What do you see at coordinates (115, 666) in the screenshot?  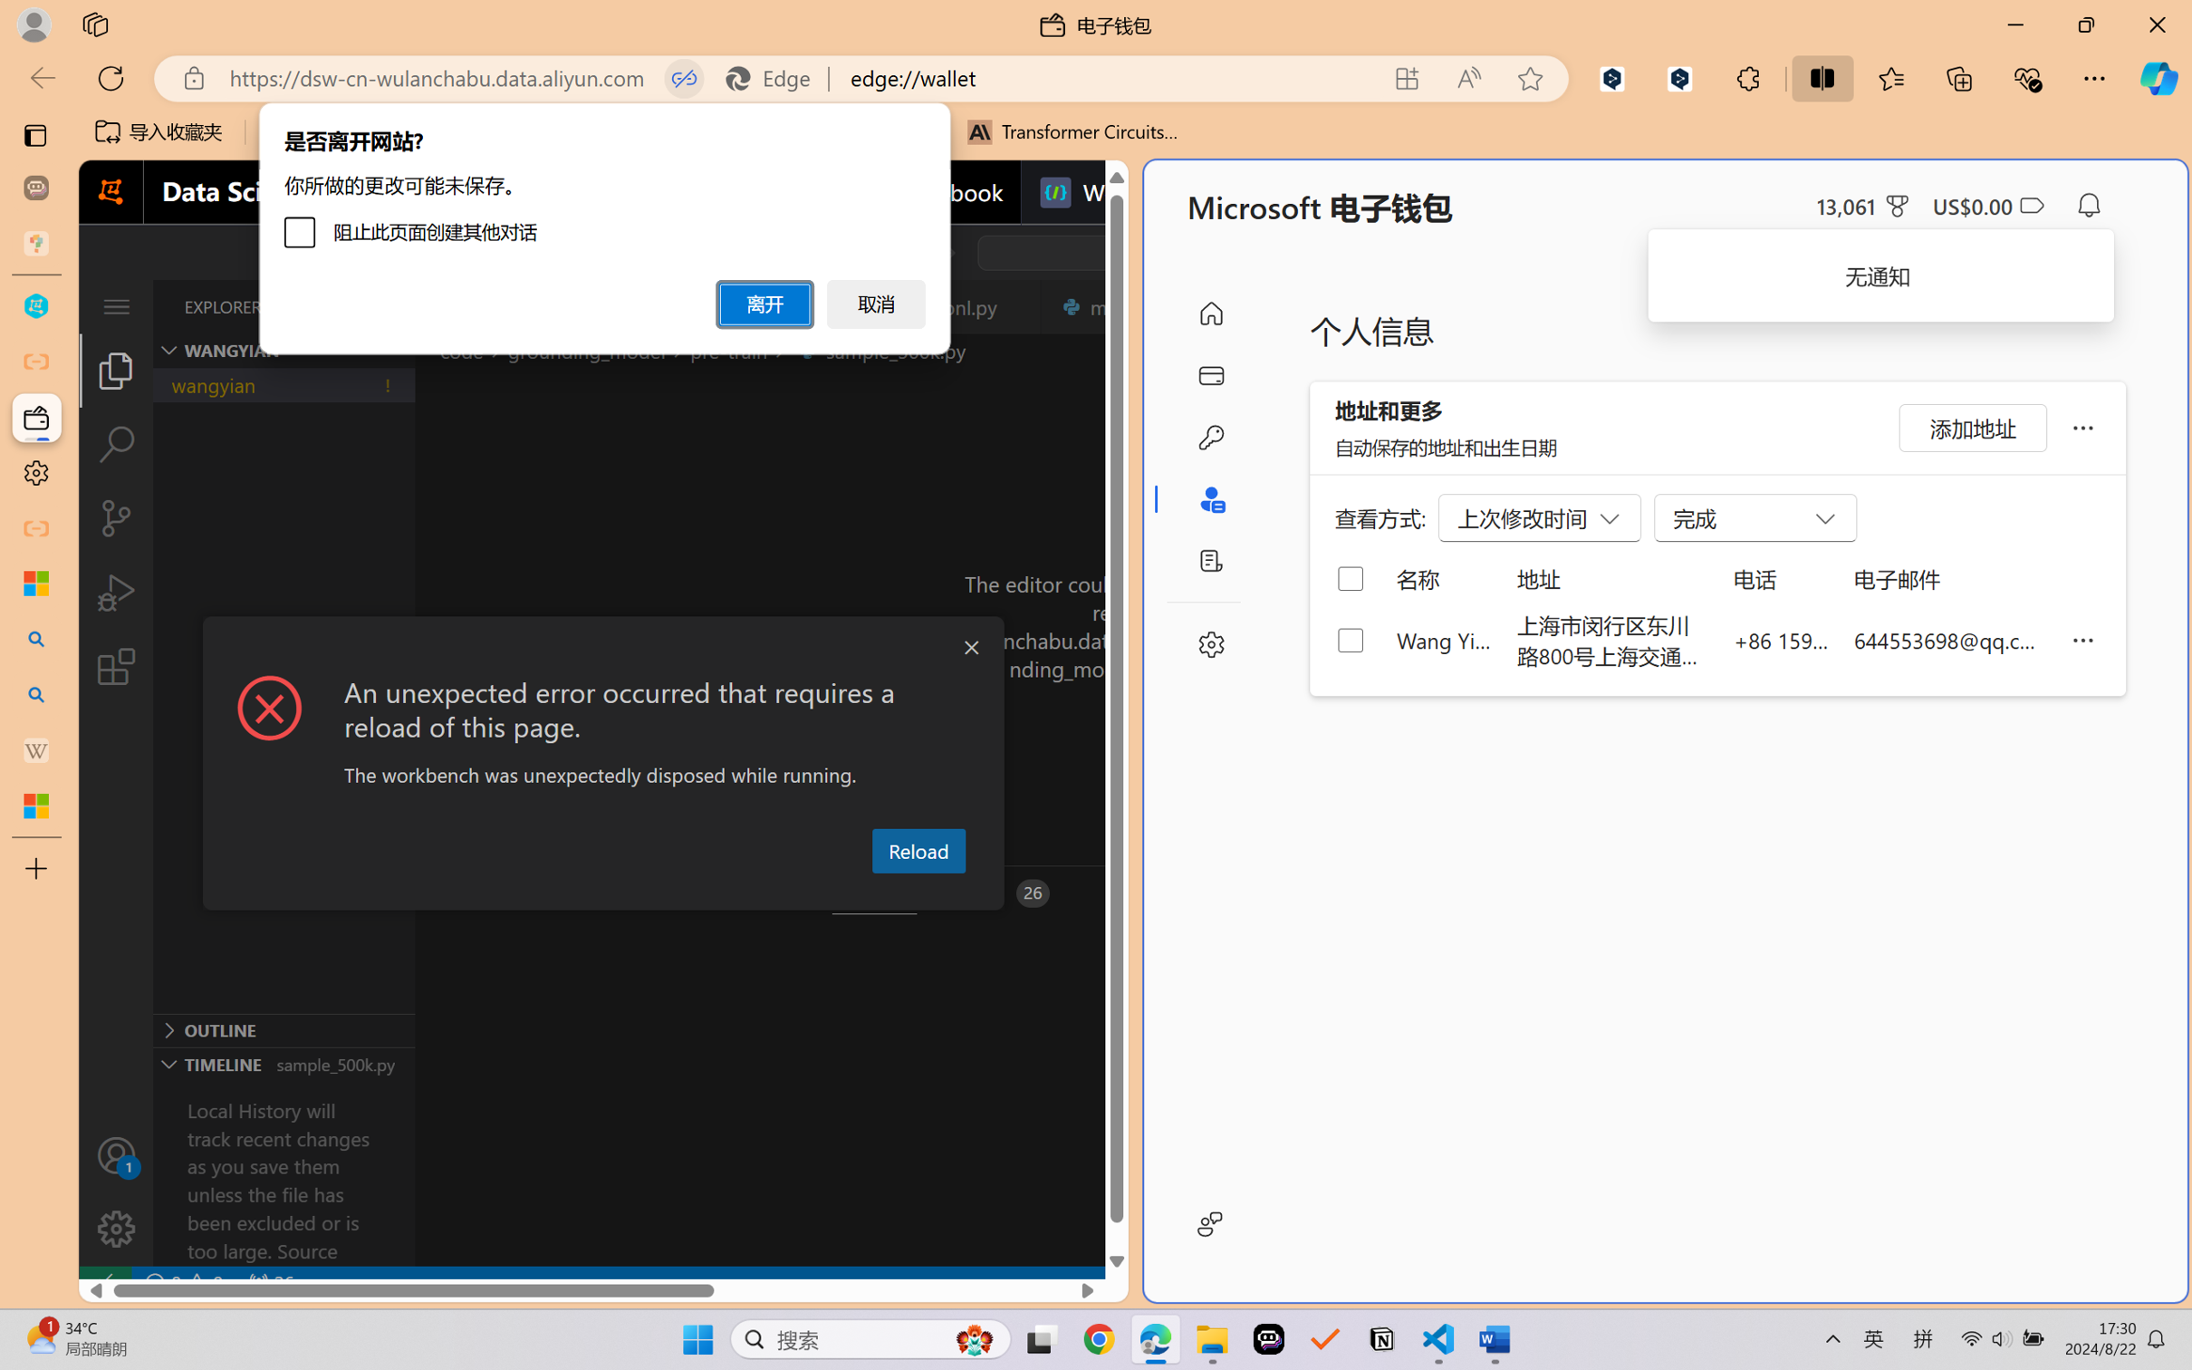 I see `'Extensions (Ctrl+Shift+X)'` at bounding box center [115, 666].